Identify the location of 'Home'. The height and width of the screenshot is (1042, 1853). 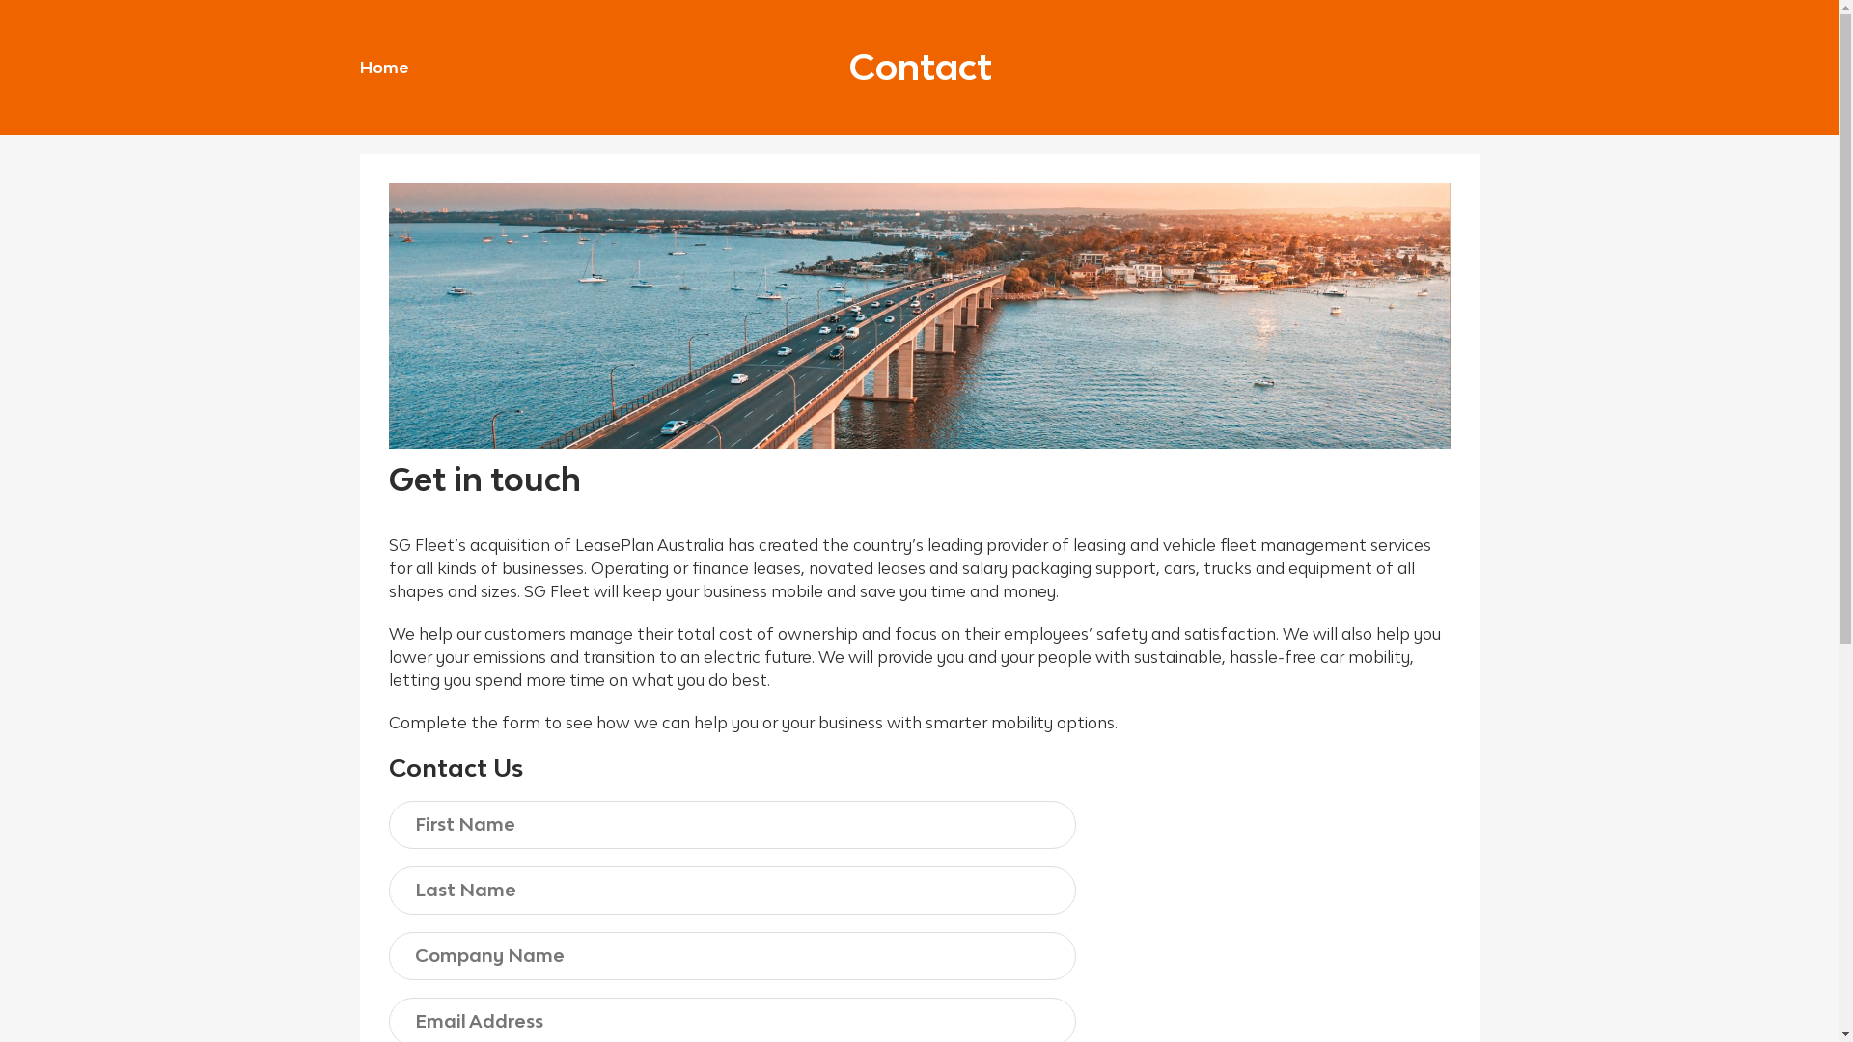
(383, 66).